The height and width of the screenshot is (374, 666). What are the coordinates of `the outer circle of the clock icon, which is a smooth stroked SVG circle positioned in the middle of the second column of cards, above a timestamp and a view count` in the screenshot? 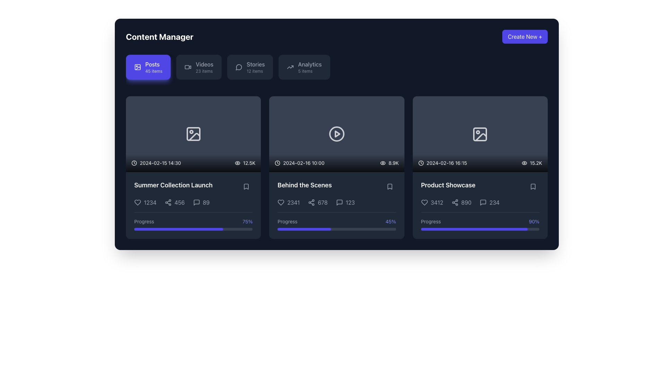 It's located at (277, 163).